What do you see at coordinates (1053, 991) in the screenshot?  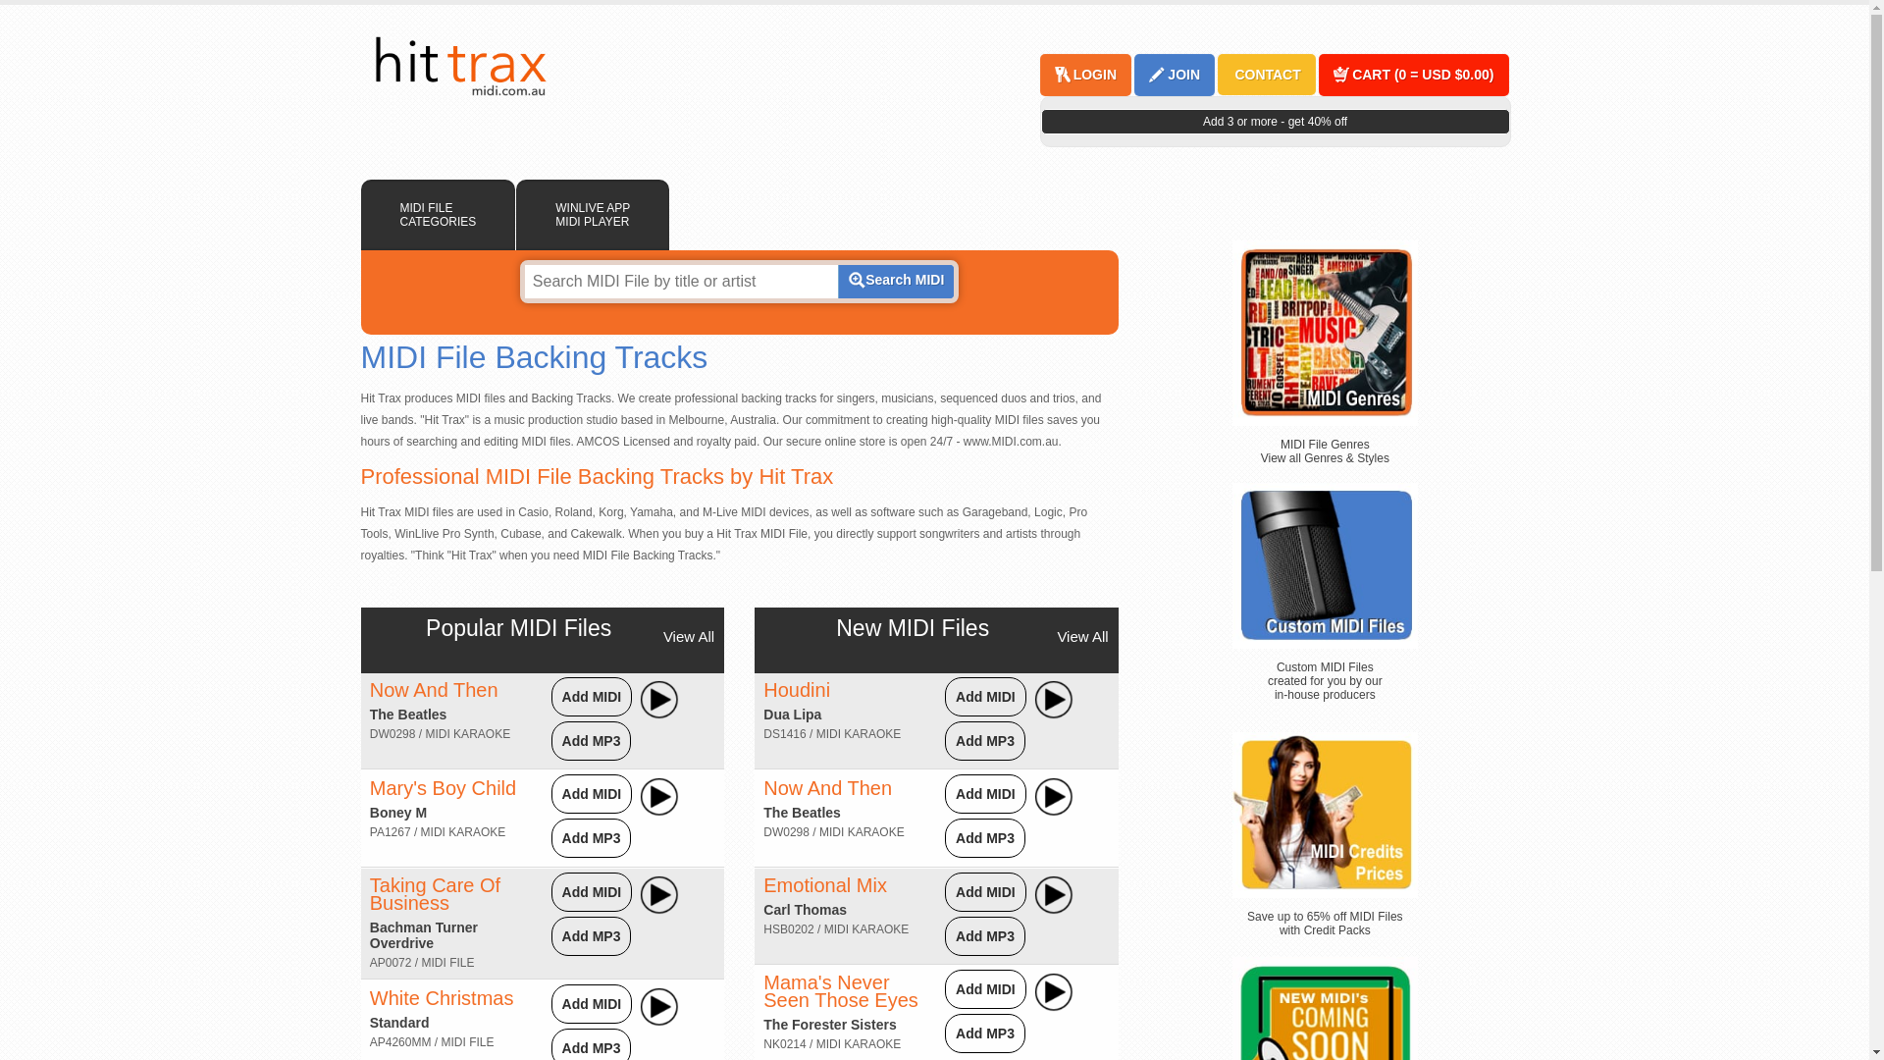 I see `'Play Mama's Never Seen Those Eyes'` at bounding box center [1053, 991].